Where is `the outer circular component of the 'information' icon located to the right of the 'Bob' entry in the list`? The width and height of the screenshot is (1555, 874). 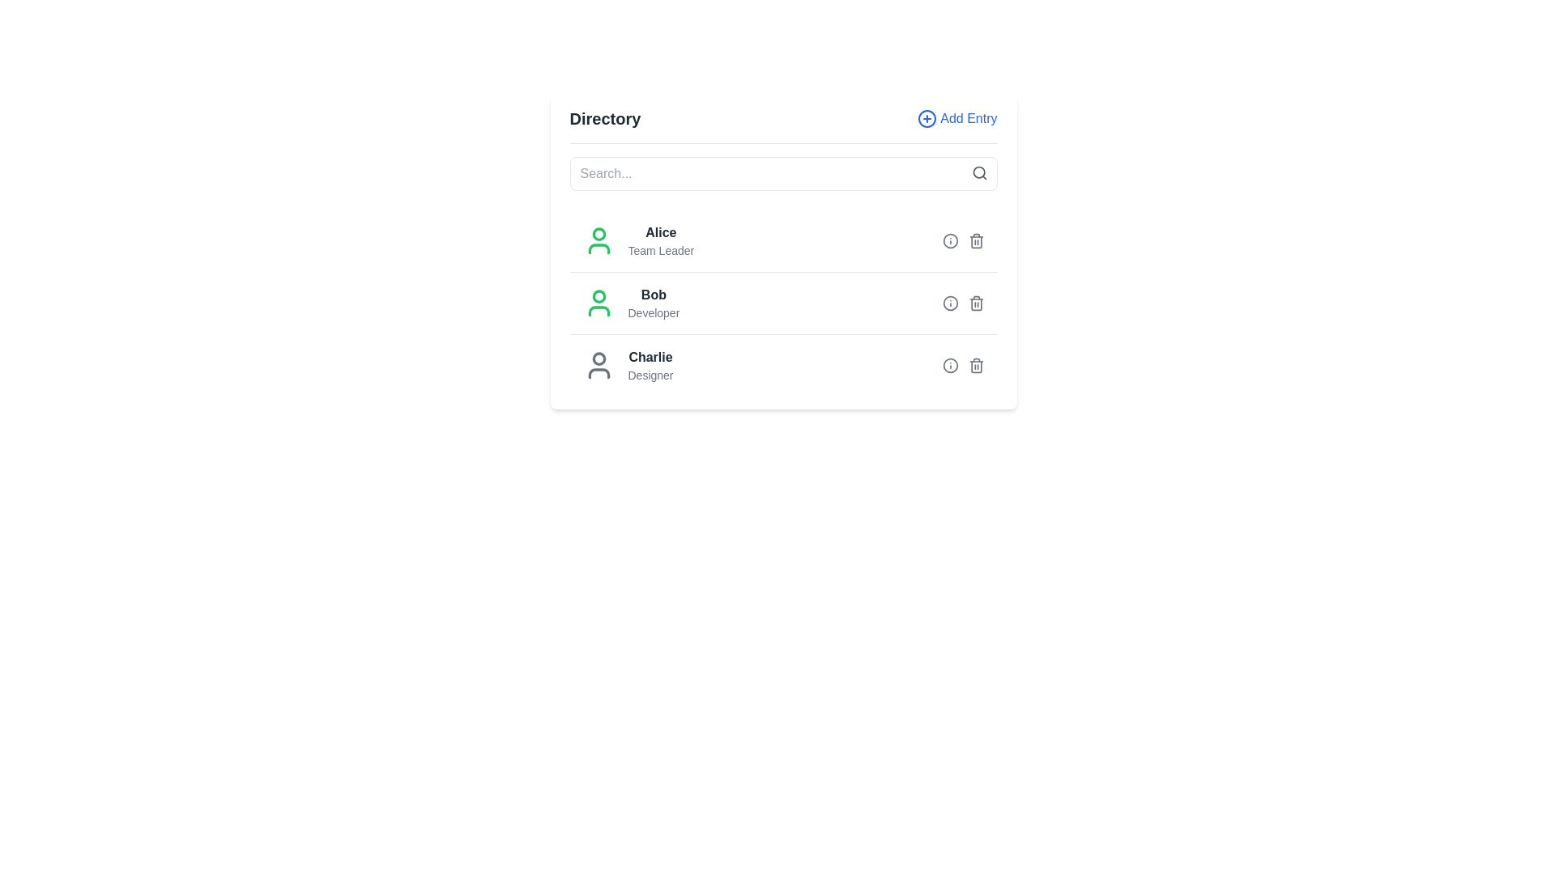 the outer circular component of the 'information' icon located to the right of the 'Bob' entry in the list is located at coordinates (950, 303).